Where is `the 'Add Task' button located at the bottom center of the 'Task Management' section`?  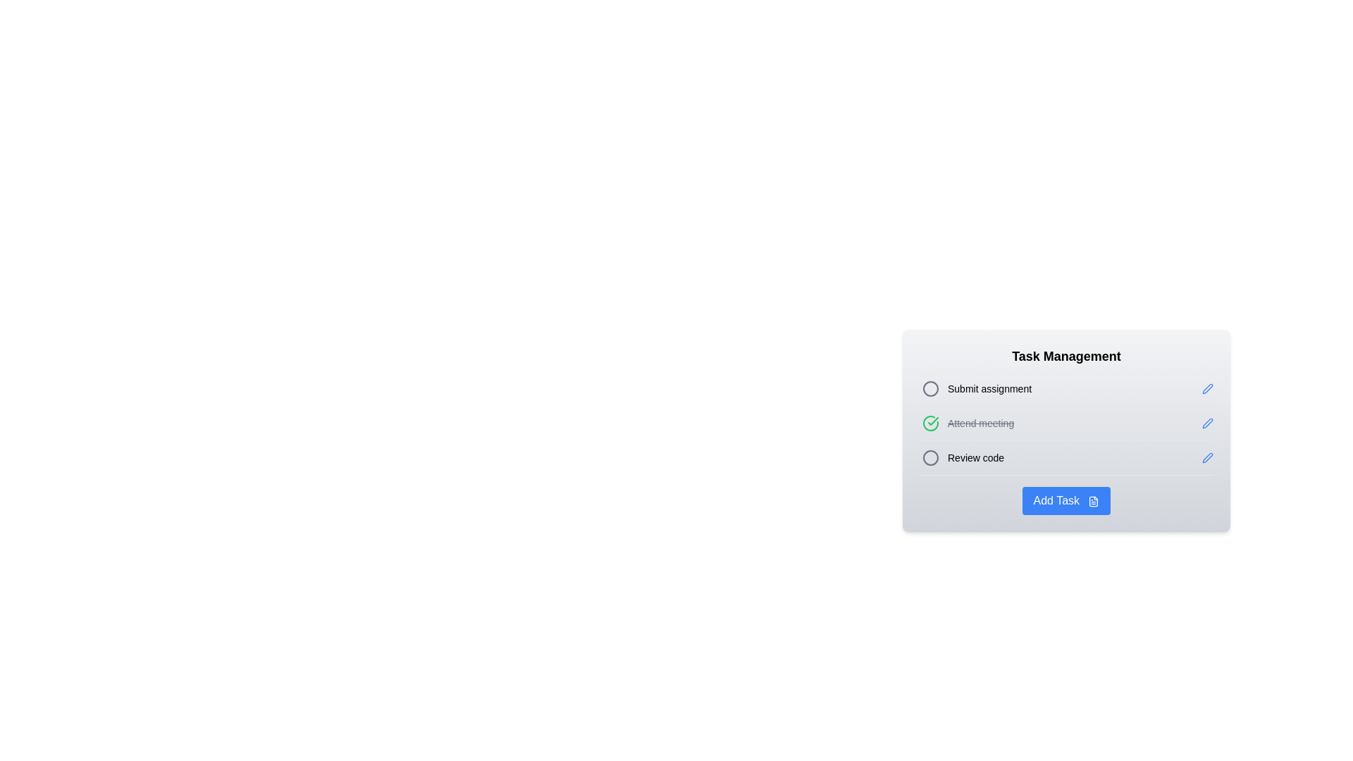
the 'Add Task' button located at the bottom center of the 'Task Management' section is located at coordinates (1066, 500).